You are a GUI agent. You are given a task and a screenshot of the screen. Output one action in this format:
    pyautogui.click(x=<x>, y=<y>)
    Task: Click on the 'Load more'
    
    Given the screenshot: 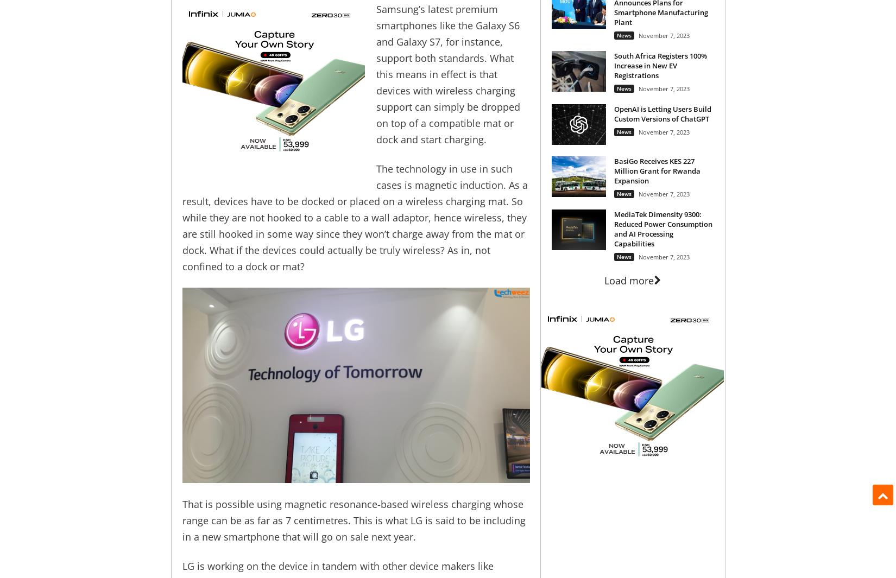 What is the action you would take?
    pyautogui.click(x=604, y=279)
    